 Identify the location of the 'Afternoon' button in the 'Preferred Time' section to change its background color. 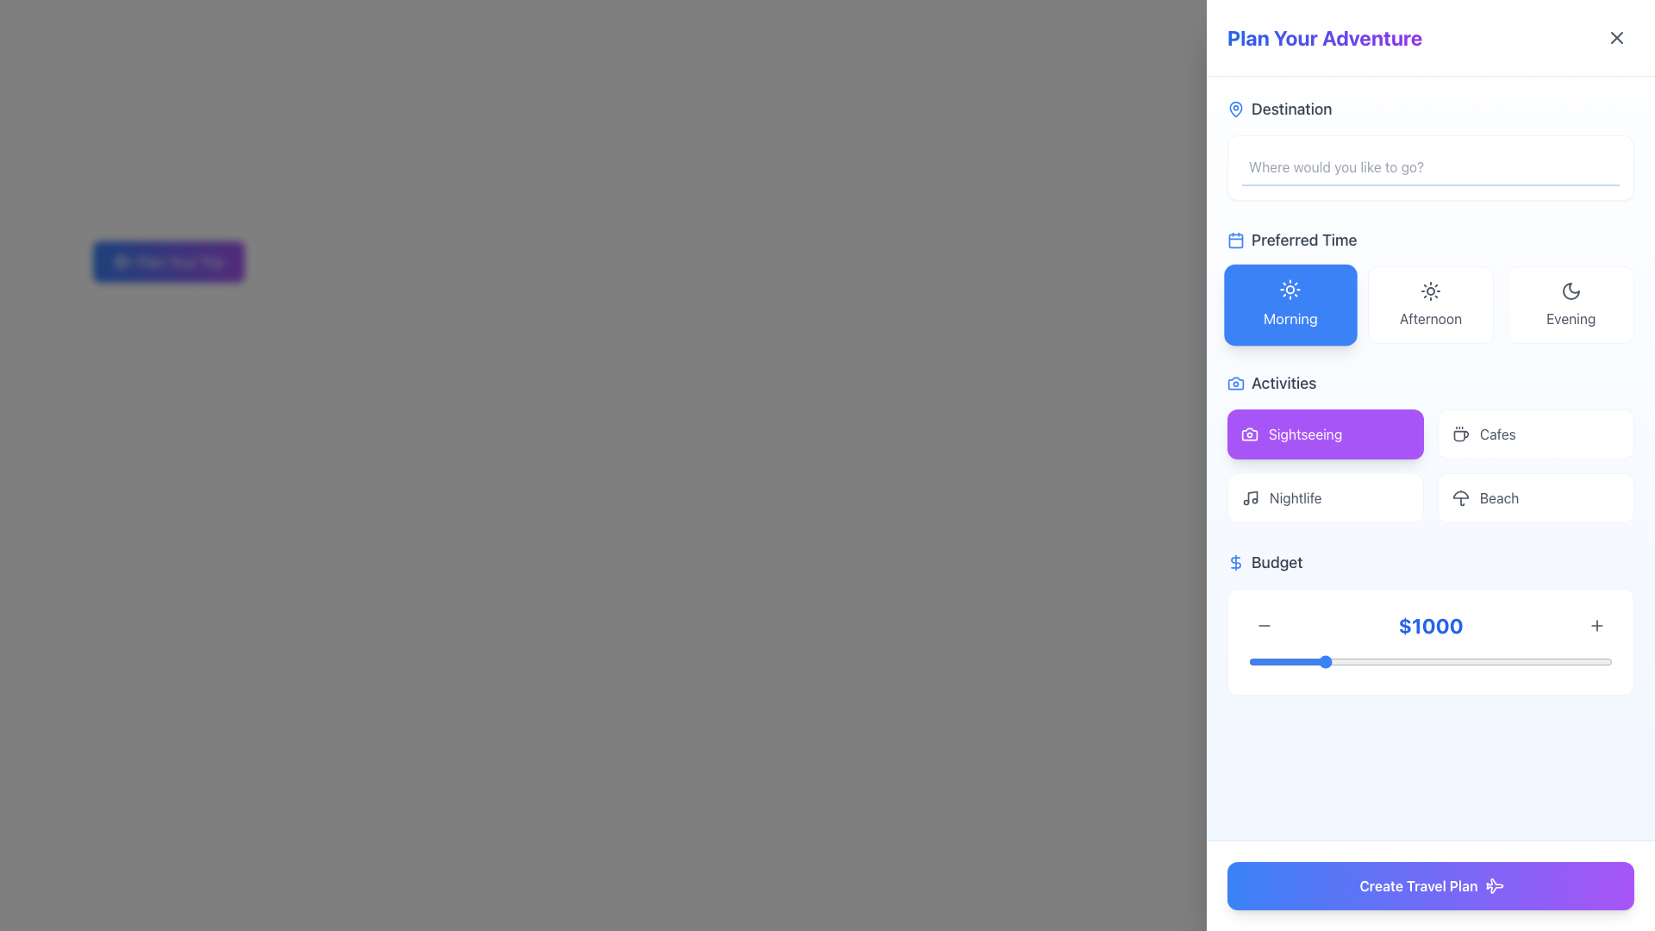
(1431, 304).